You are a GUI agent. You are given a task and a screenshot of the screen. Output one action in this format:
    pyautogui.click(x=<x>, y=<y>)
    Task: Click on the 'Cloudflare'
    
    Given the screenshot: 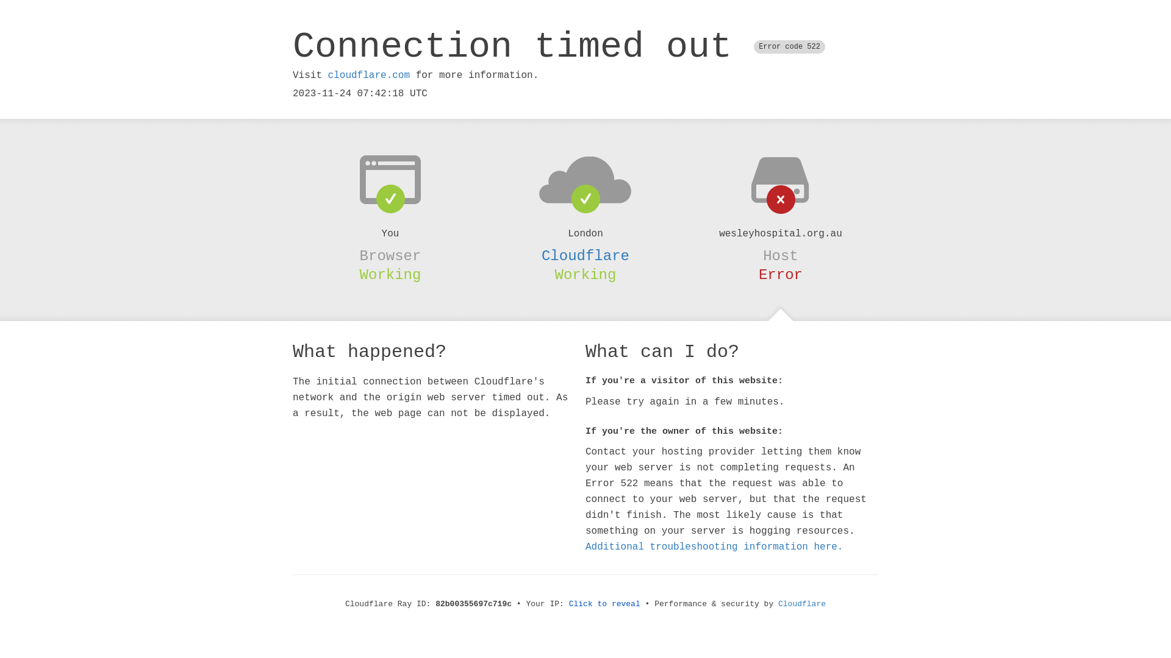 What is the action you would take?
    pyautogui.click(x=778, y=604)
    